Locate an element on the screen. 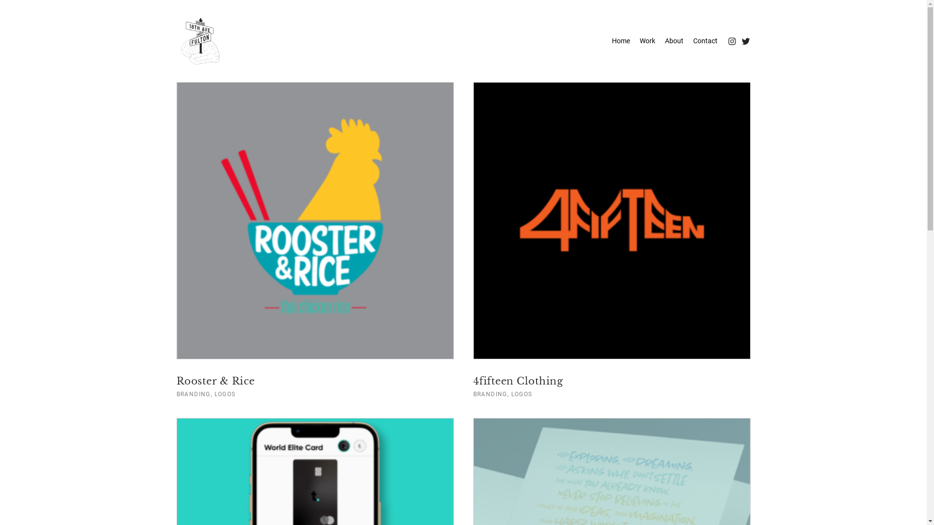  'BRANDING' is located at coordinates (193, 394).